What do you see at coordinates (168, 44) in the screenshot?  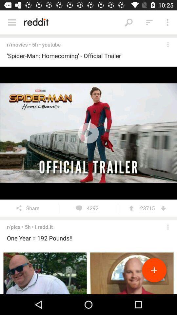 I see `open menu settings` at bounding box center [168, 44].